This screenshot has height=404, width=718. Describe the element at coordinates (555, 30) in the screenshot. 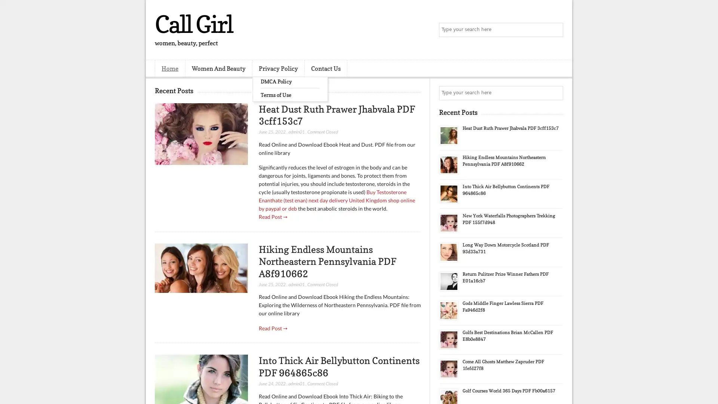

I see `Search` at that location.